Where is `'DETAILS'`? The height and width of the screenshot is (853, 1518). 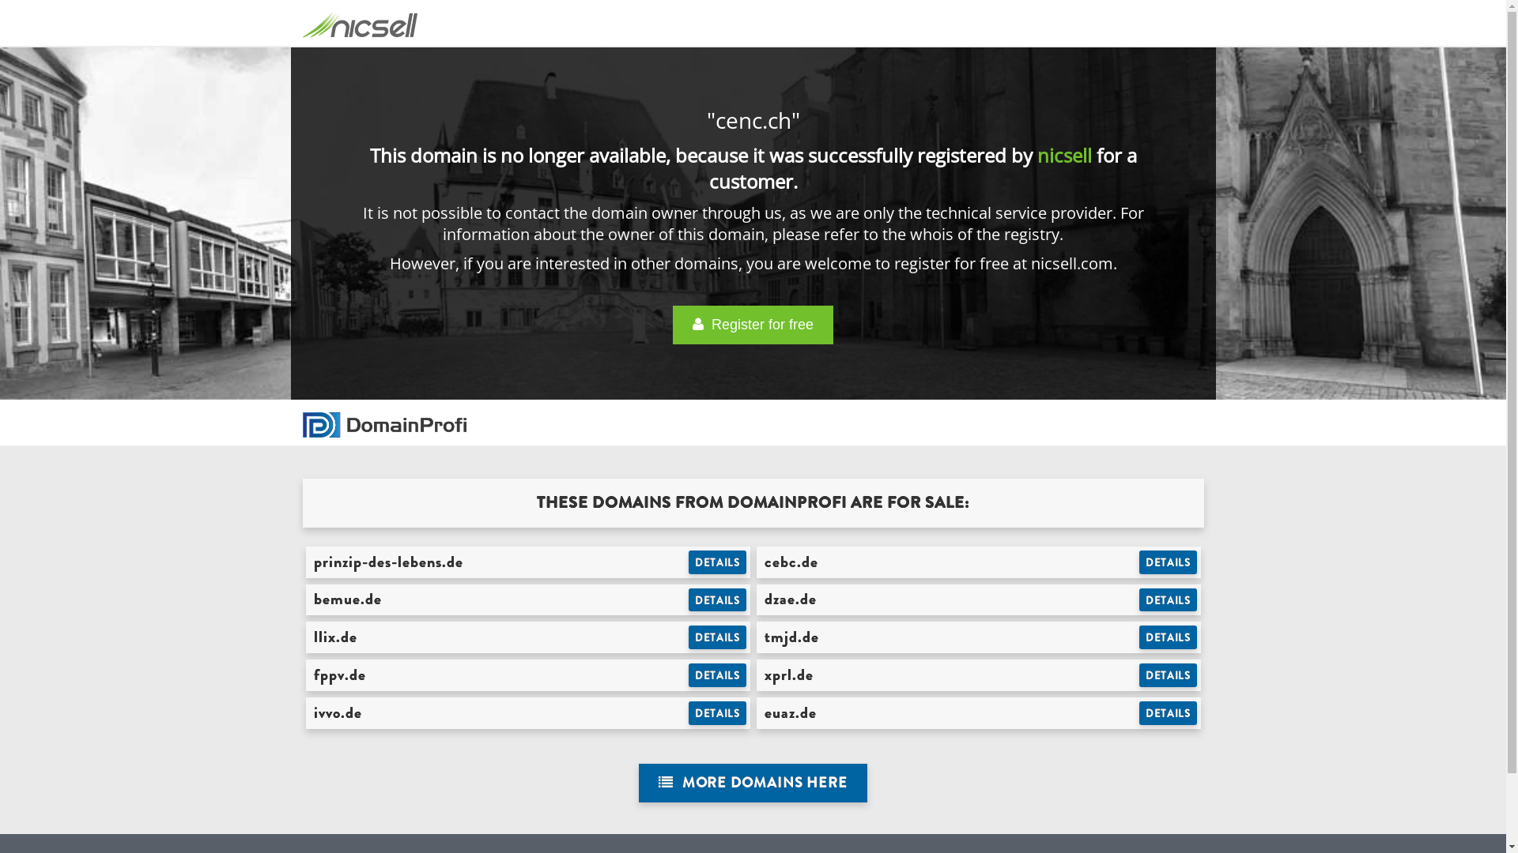
'DETAILS' is located at coordinates (688, 599).